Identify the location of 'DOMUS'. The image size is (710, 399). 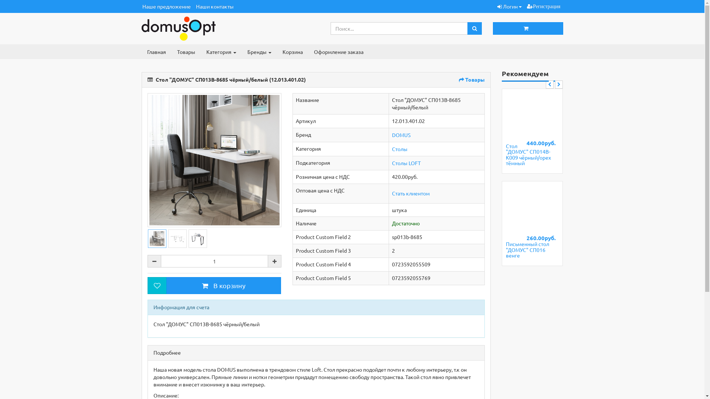
(400, 135).